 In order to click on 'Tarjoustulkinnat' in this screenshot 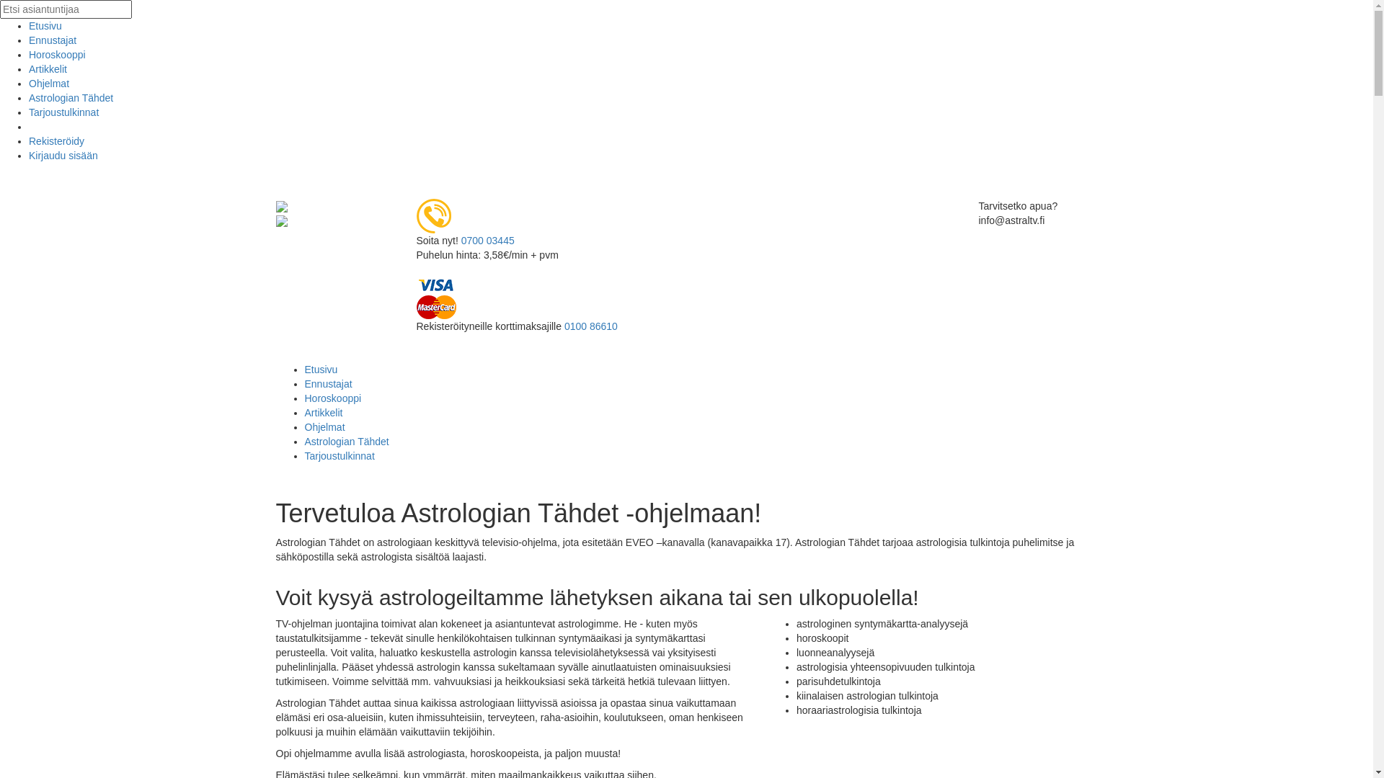, I will do `click(63, 111)`.